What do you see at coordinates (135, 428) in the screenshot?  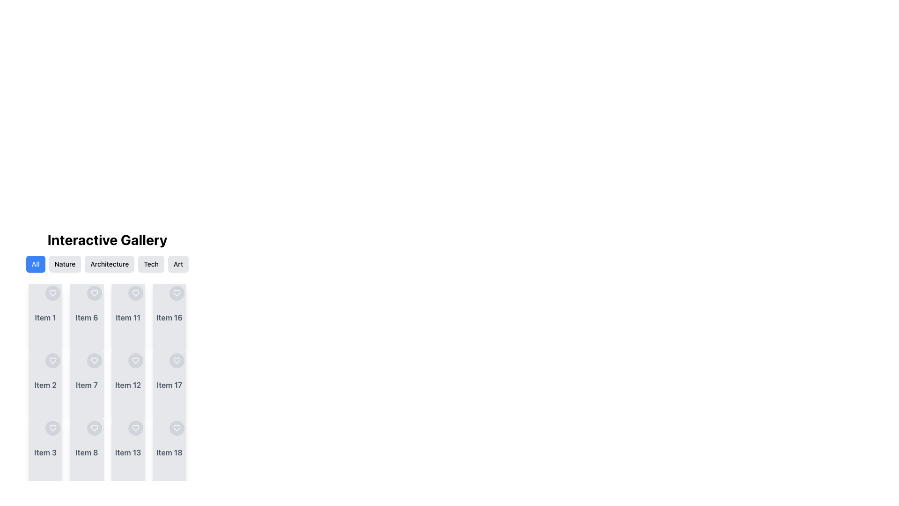 I see `the heart-shaped icon within the circular button in the 'Item 13' section` at bounding box center [135, 428].